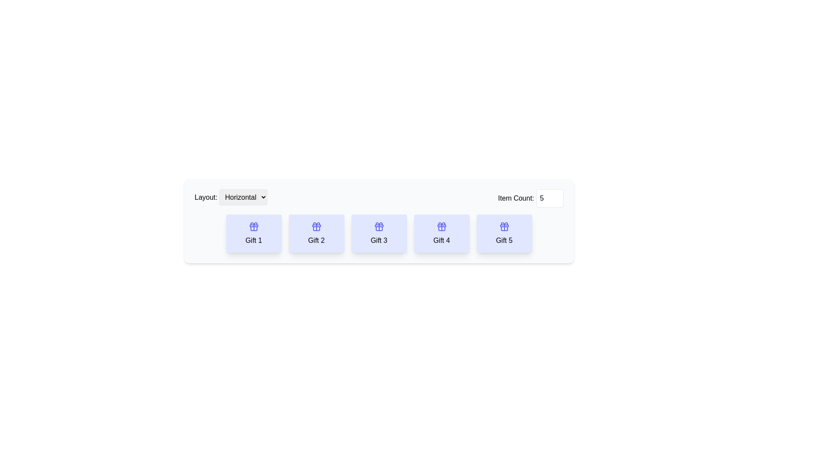  I want to click on the Text Label displaying 'Gift 1' styled in black font, which is positioned under the gift box icon within a rectangular card with a soft purple background, so click(253, 240).